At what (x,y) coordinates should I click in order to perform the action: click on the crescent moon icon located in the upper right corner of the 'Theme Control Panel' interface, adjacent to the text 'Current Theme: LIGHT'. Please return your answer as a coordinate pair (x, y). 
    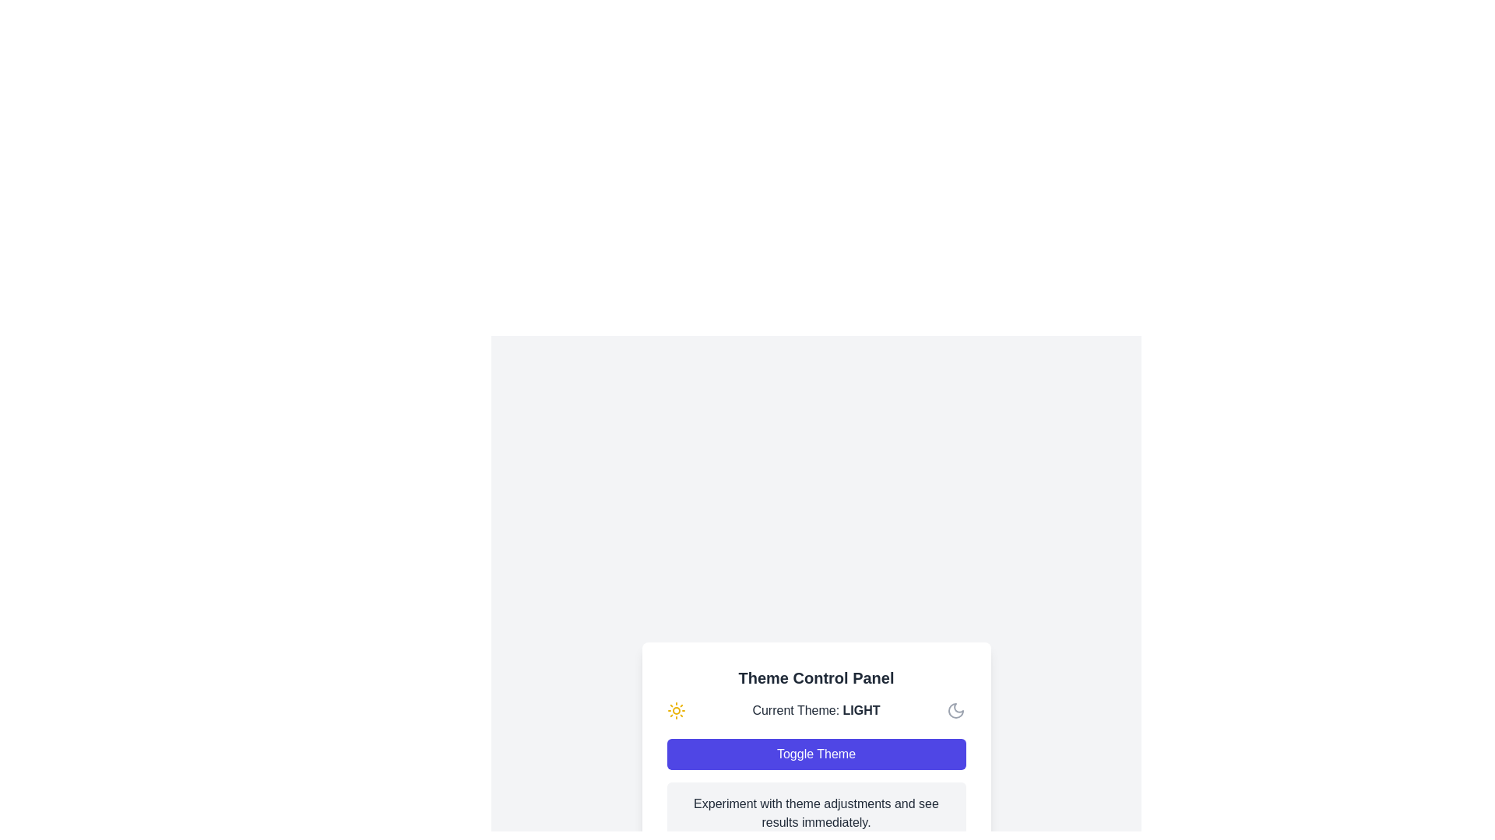
    Looking at the image, I should click on (955, 711).